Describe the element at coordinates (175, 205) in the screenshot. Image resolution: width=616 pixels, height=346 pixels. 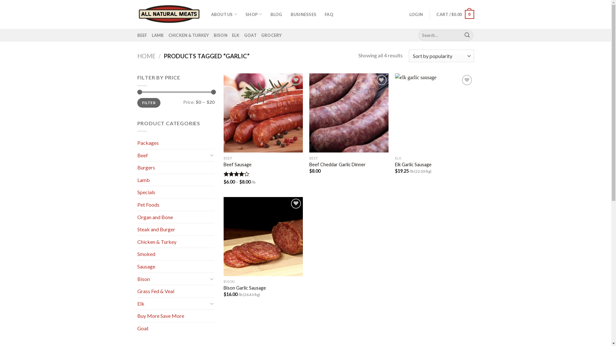
I see `'Pet Foods'` at that location.